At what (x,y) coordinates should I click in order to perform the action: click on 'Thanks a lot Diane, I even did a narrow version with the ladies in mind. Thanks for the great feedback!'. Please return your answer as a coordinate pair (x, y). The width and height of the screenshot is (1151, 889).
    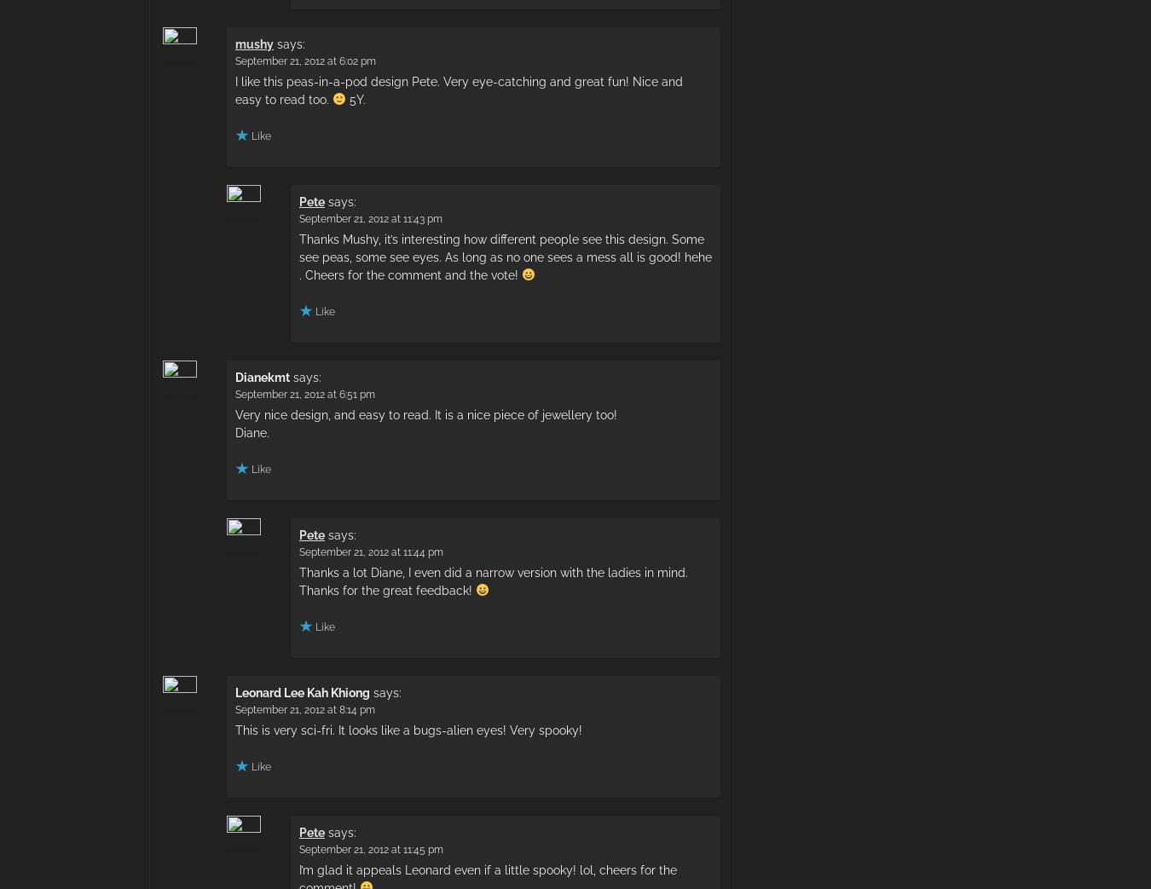
    Looking at the image, I should click on (494, 580).